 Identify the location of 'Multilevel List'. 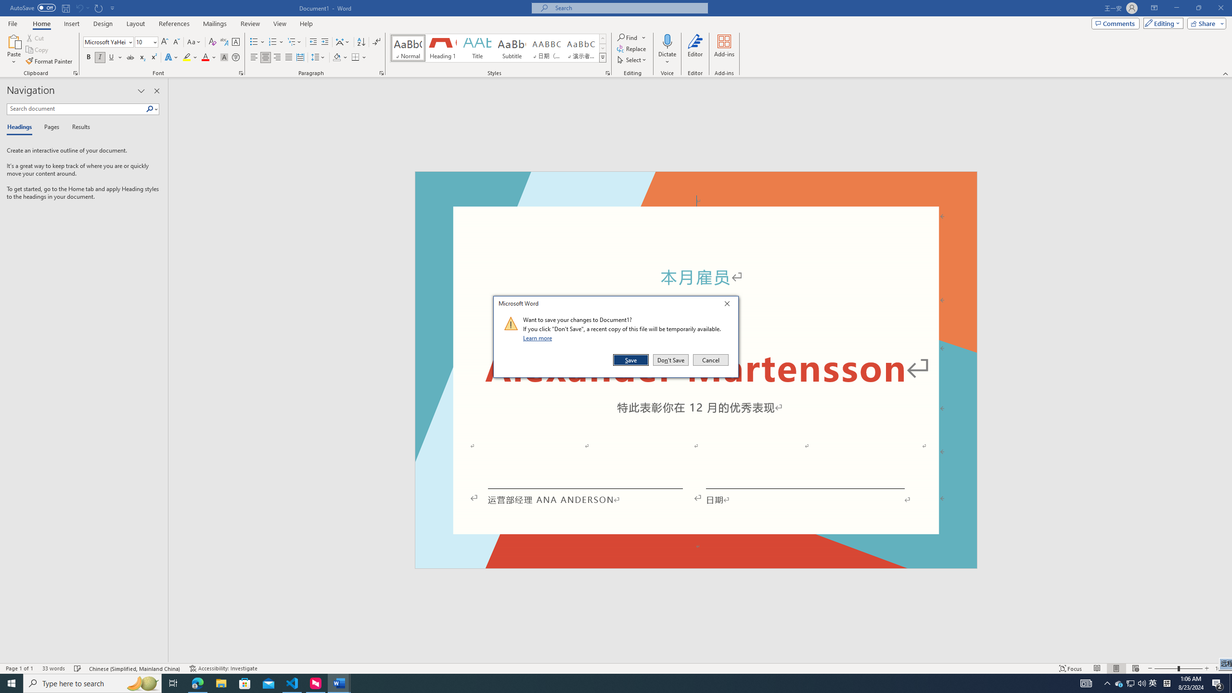
(294, 42).